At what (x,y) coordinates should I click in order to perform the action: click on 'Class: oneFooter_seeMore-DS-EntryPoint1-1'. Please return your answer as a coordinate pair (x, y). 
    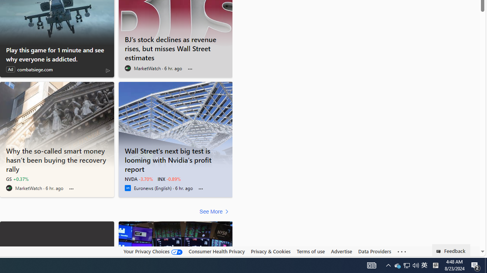
    Looking at the image, I should click on (401, 251).